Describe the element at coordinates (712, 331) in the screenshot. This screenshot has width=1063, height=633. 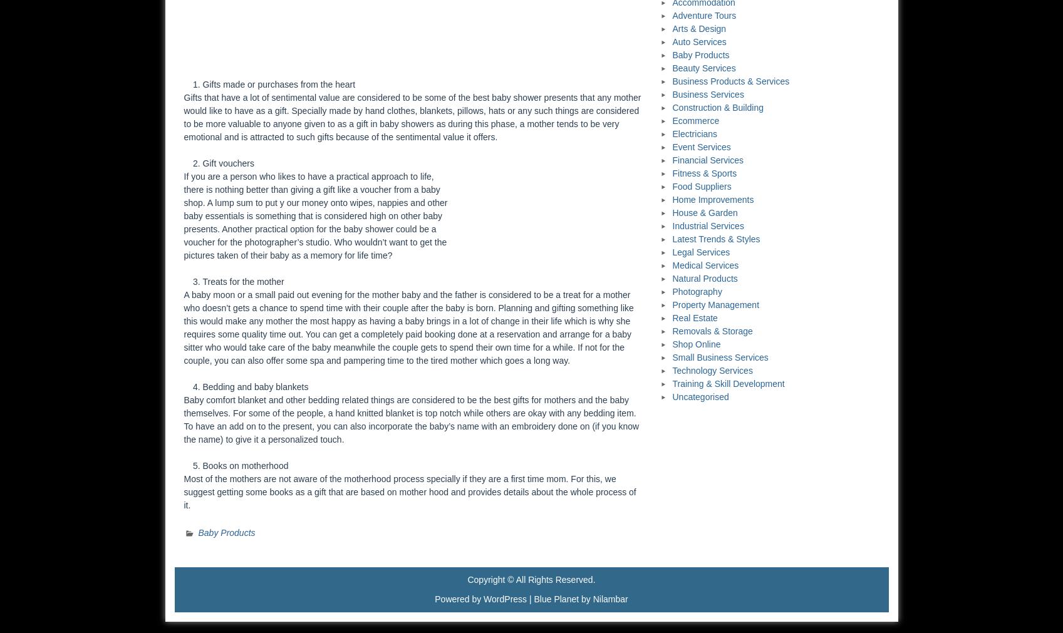
I see `'Removals & Storage'` at that location.